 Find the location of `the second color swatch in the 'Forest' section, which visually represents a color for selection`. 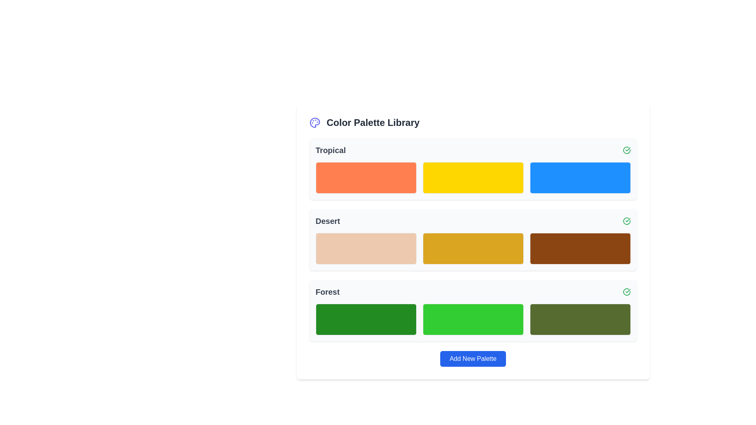

the second color swatch in the 'Forest' section, which visually represents a color for selection is located at coordinates (472, 320).